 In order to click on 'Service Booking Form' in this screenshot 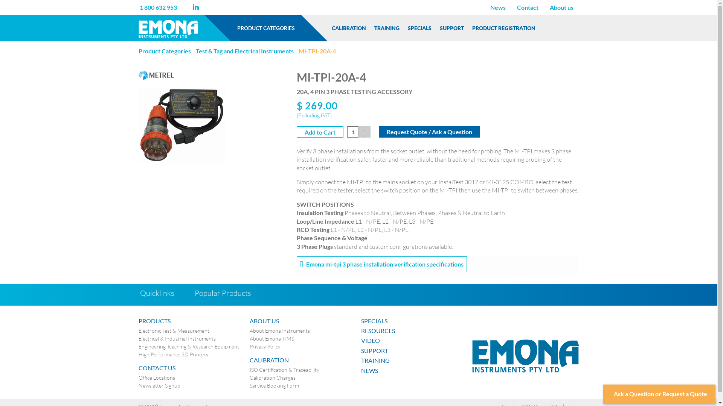, I will do `click(274, 386)`.